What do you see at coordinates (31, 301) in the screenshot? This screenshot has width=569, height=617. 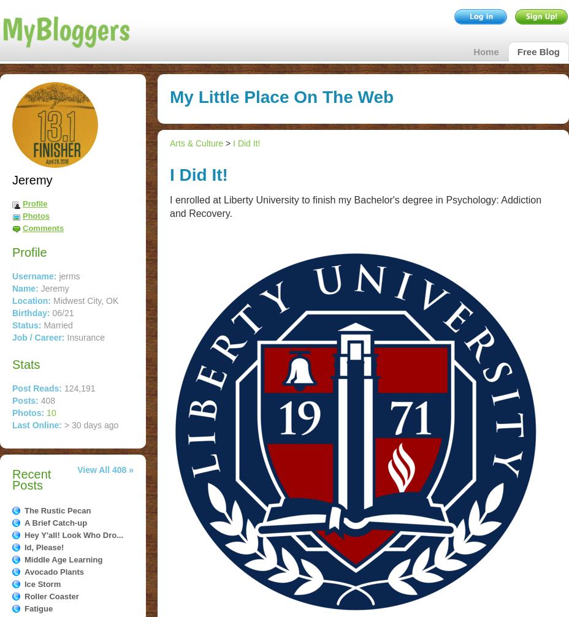 I see `'Location:'` at bounding box center [31, 301].